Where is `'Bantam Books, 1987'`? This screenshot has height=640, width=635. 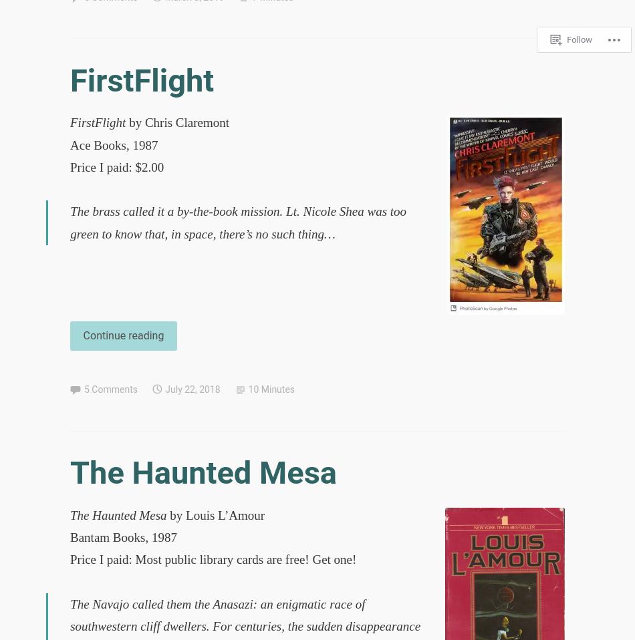
'Bantam Books, 1987' is located at coordinates (123, 536).